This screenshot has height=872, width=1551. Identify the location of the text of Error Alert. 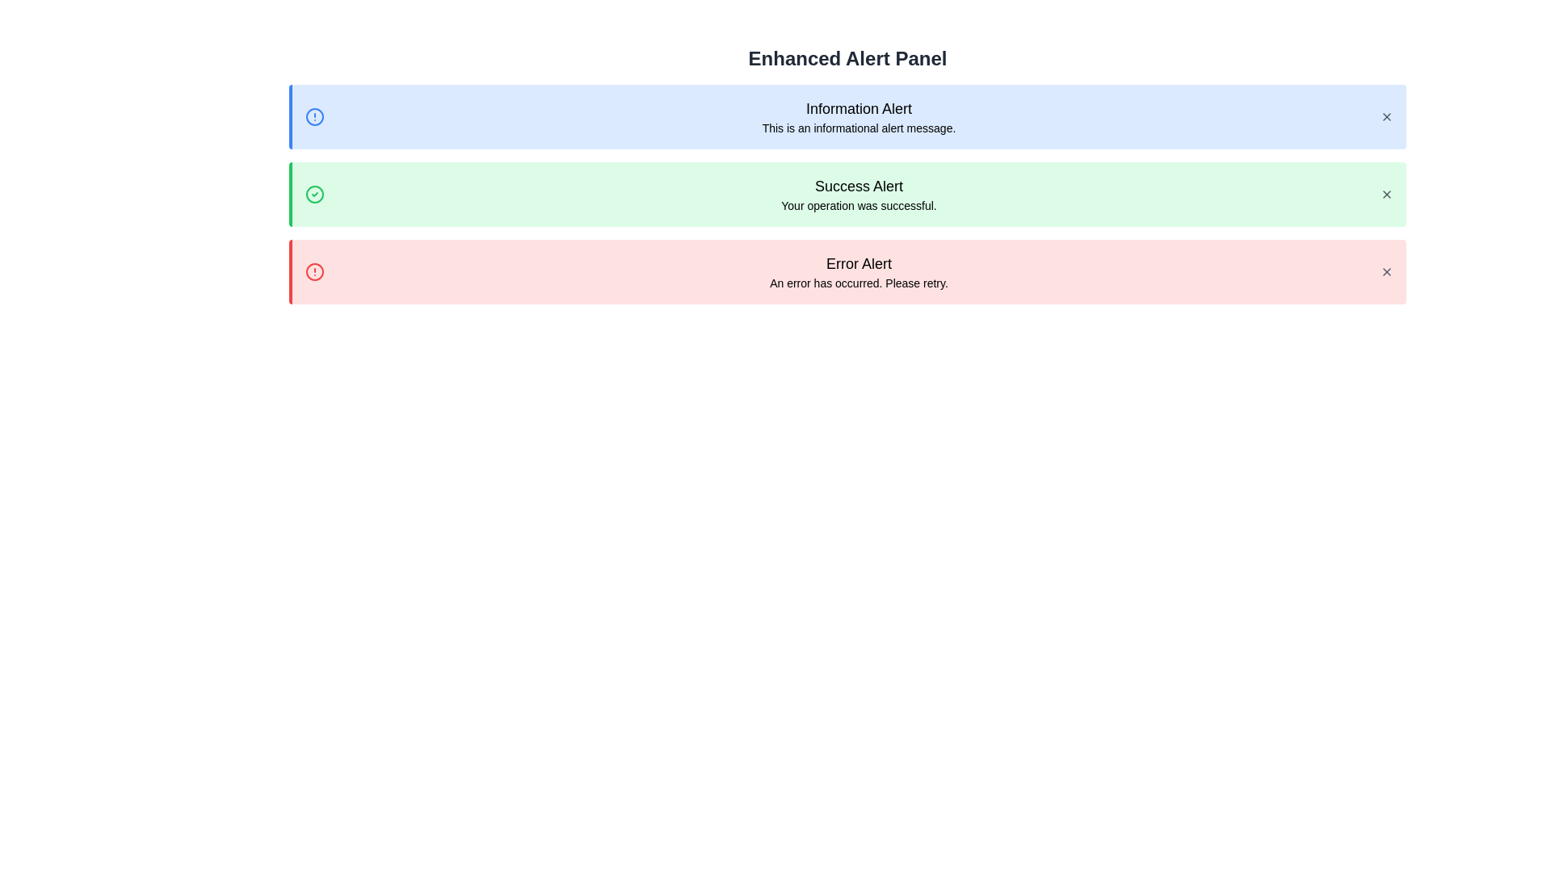
(847, 263).